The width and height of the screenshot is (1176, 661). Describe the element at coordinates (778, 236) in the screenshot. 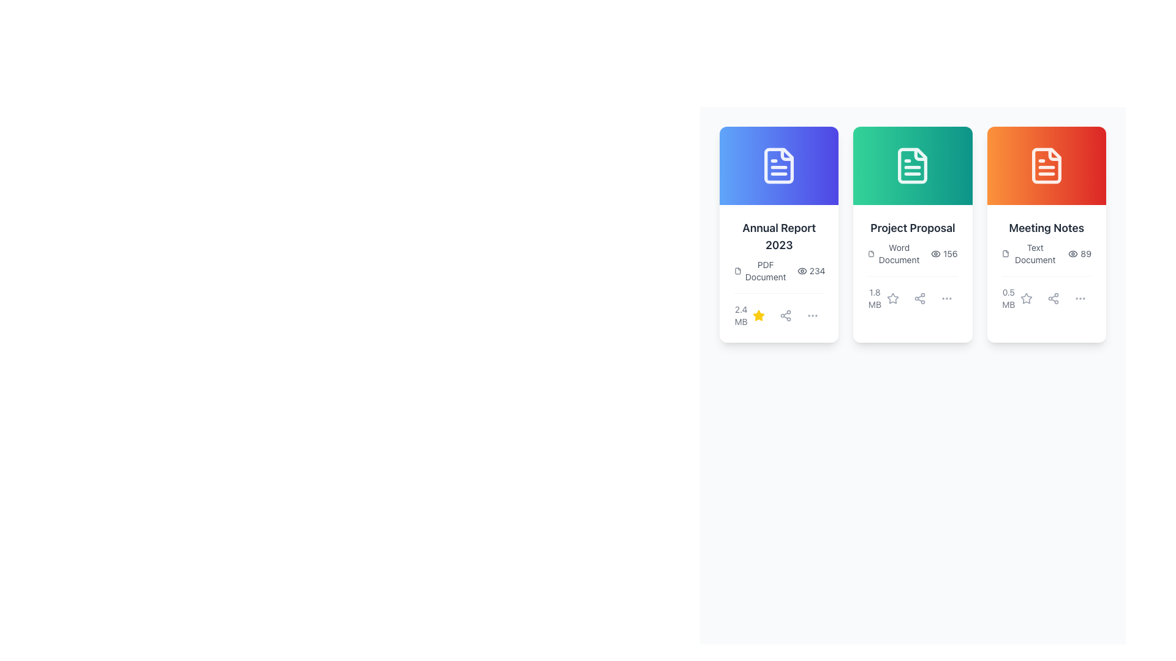

I see `text label that serves as the title for the card, which identifies the content as the annual report for the year 2023, located at the center of the blue background header of the first card` at that location.